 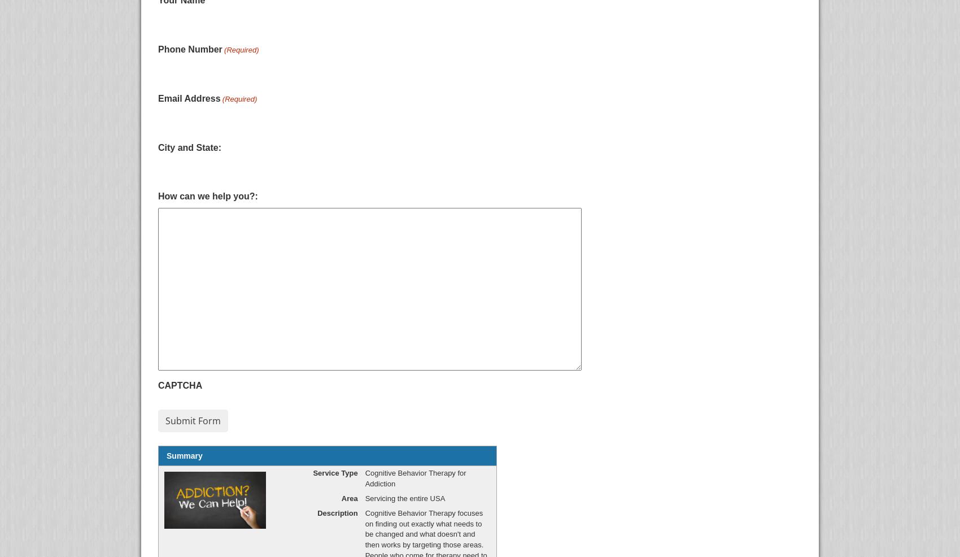 I want to click on 'Service Type', so click(x=334, y=472).